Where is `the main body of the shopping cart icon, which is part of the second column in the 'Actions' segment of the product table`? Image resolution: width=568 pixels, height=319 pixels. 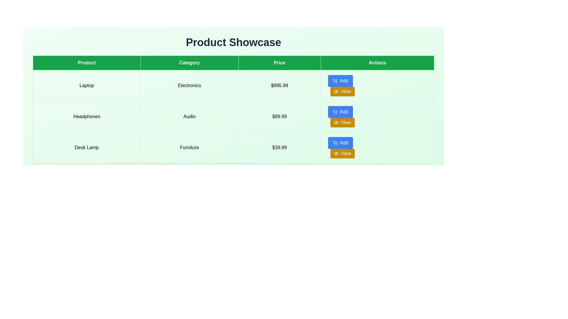
the main body of the shopping cart icon, which is part of the second column in the 'Actions' segment of the product table is located at coordinates (335, 142).